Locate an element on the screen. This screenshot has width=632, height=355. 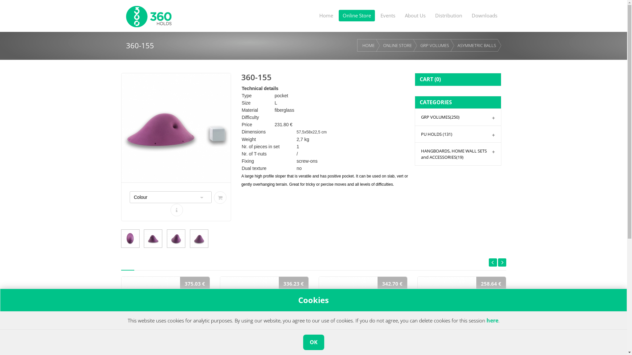
'Home' is located at coordinates (326, 15).